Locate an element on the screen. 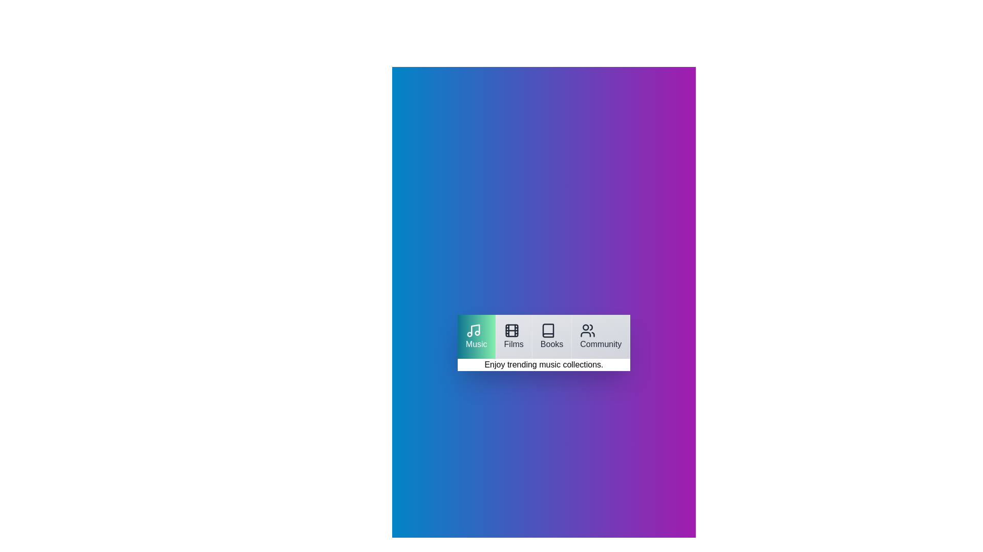 The image size is (983, 552). the descriptive text label located directly below the horizontal navigation menu in the Music section of the interface is located at coordinates (543, 364).